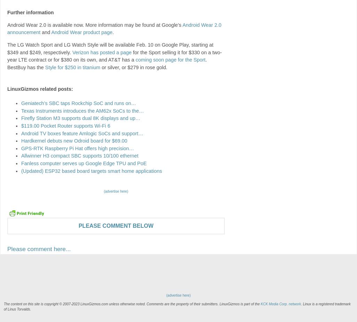  I want to click on 'Further information', so click(30, 12).